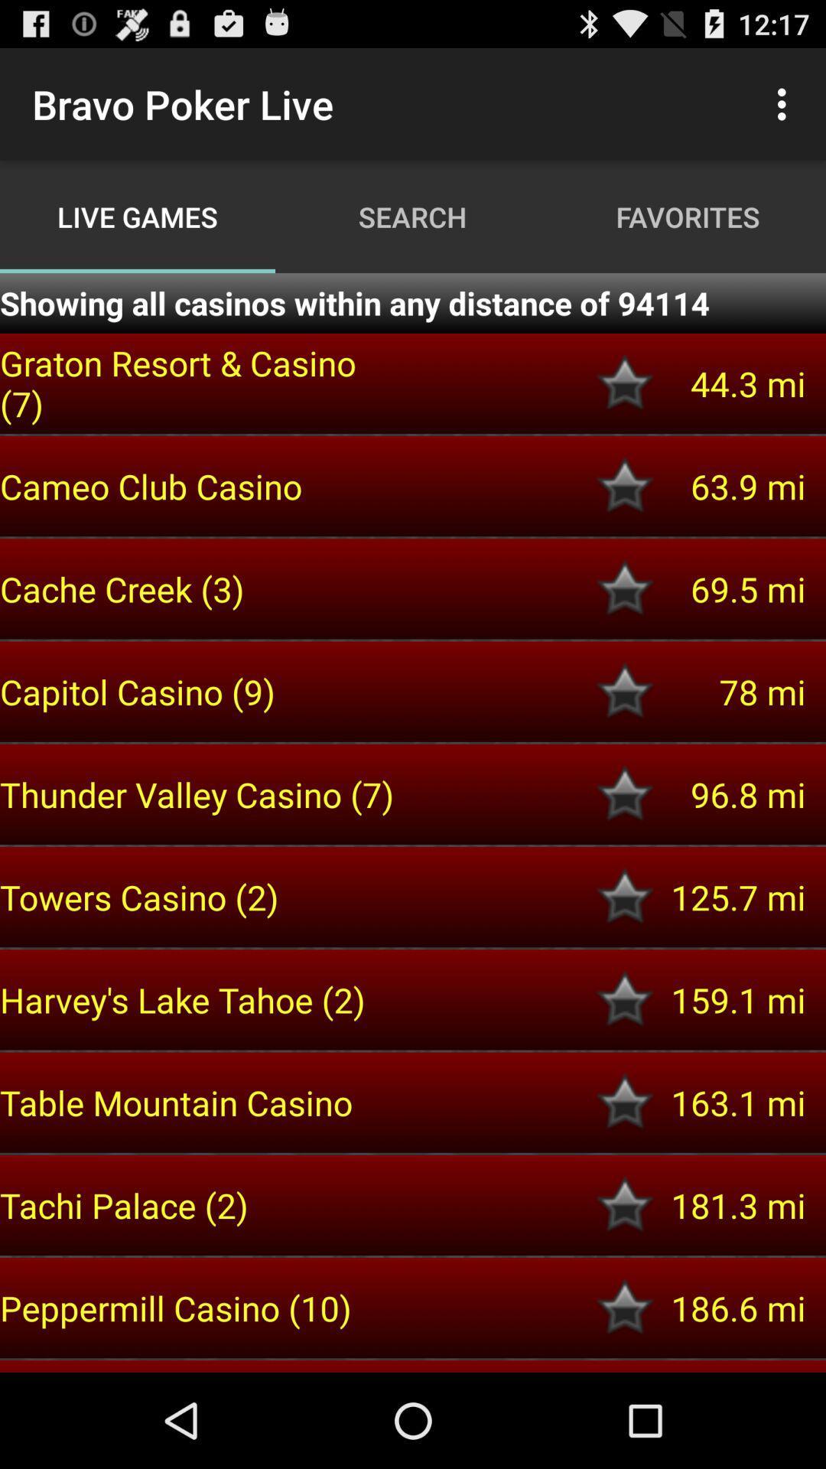 This screenshot has height=1469, width=826. What do you see at coordinates (625, 897) in the screenshot?
I see `favorite` at bounding box center [625, 897].